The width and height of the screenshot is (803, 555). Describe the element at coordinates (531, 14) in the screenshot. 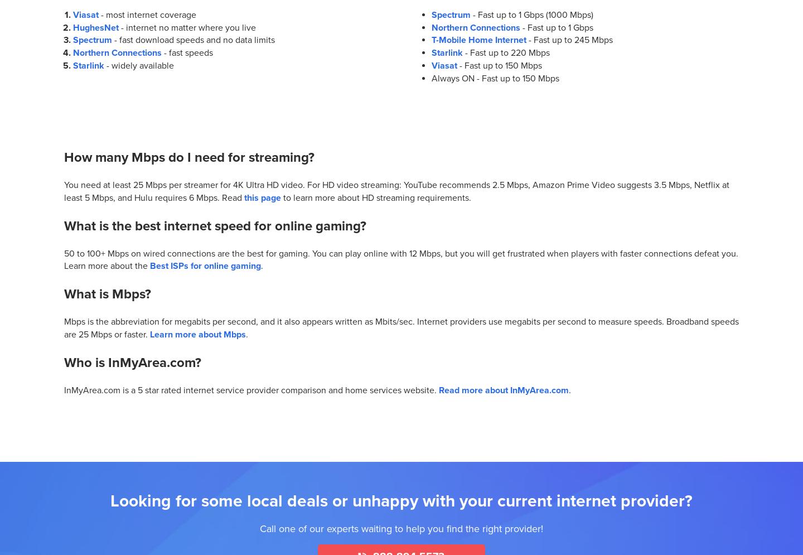

I see `'- Fast up to 1 Gbps (1000 Mbps)'` at that location.